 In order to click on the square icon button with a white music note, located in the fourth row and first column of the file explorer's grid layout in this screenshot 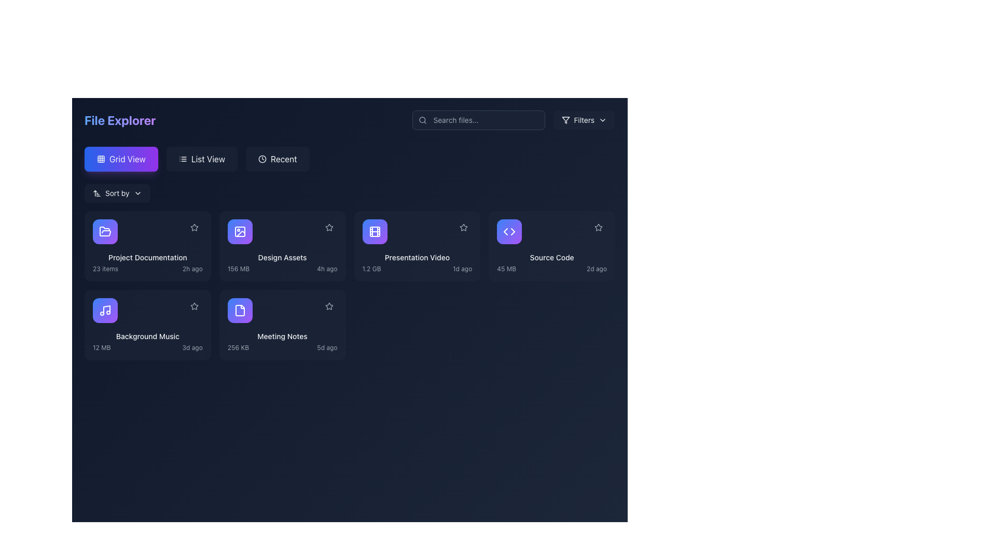, I will do `click(105, 310)`.